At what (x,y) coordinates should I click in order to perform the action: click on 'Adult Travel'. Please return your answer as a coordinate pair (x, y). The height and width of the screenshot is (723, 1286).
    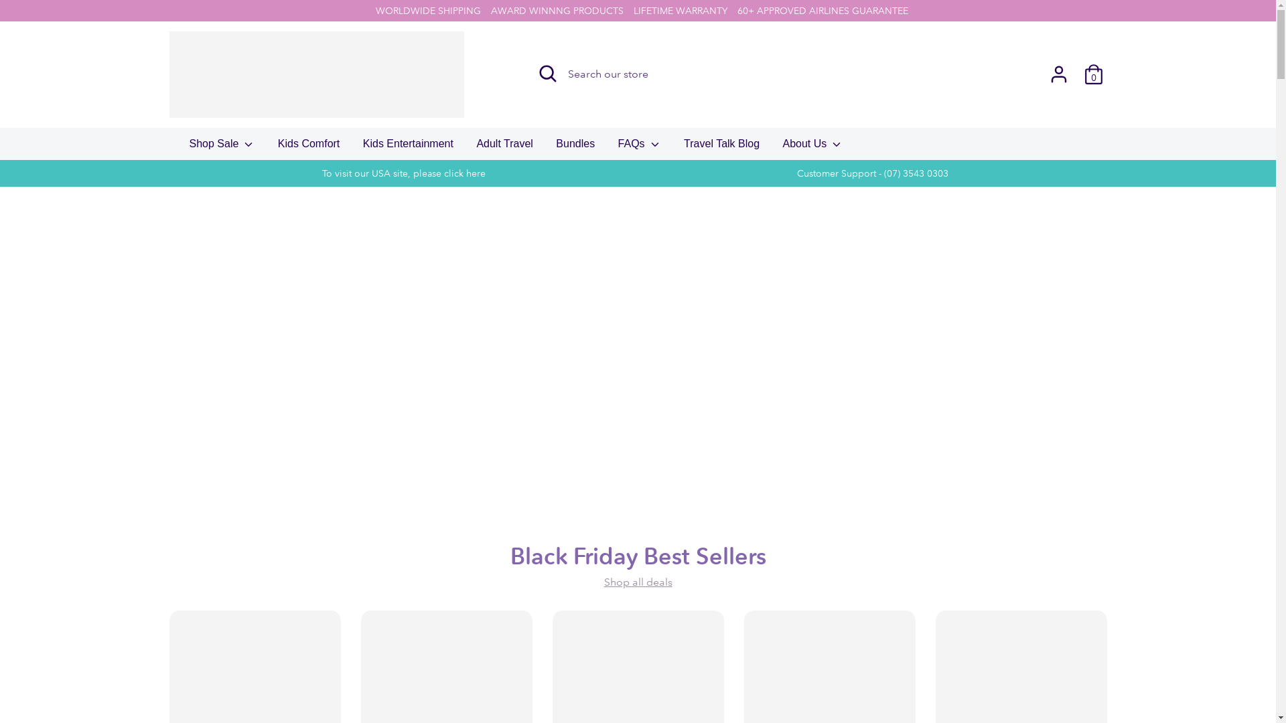
    Looking at the image, I should click on (466, 147).